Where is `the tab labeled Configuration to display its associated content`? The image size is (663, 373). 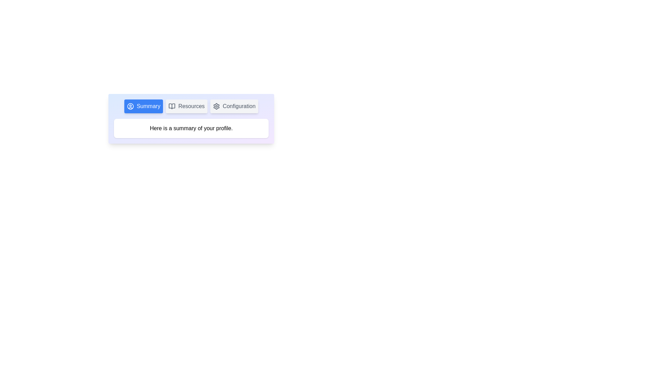
the tab labeled Configuration to display its associated content is located at coordinates (234, 106).